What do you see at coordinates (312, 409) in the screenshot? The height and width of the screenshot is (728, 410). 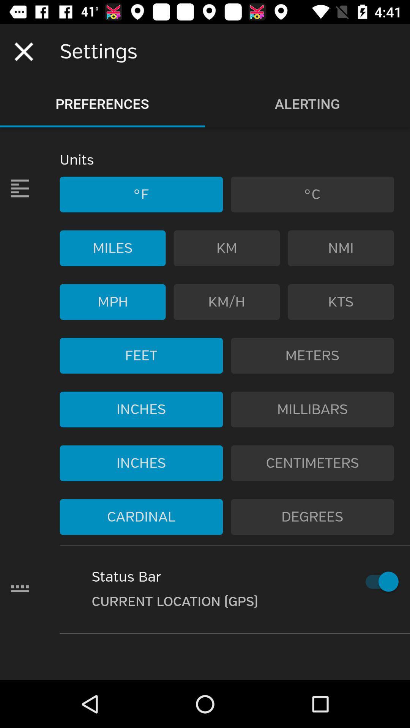 I see `the icon next to inches icon` at bounding box center [312, 409].